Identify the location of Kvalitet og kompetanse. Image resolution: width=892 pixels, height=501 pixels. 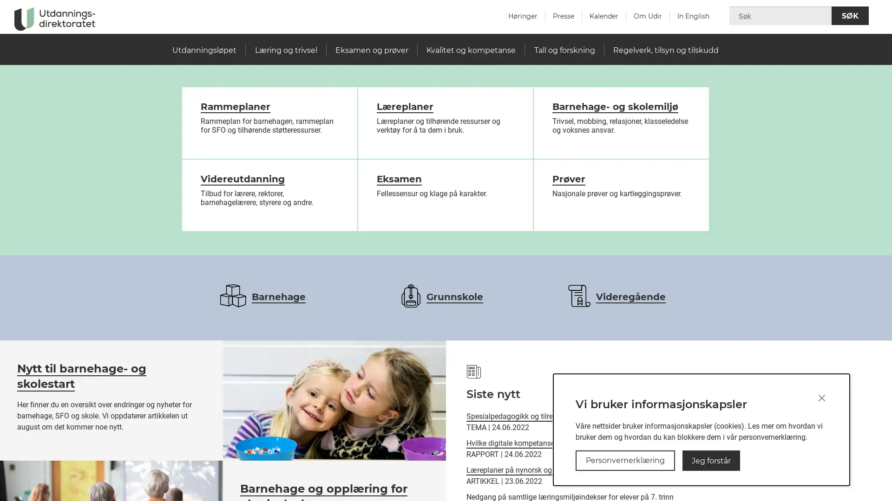
(471, 50).